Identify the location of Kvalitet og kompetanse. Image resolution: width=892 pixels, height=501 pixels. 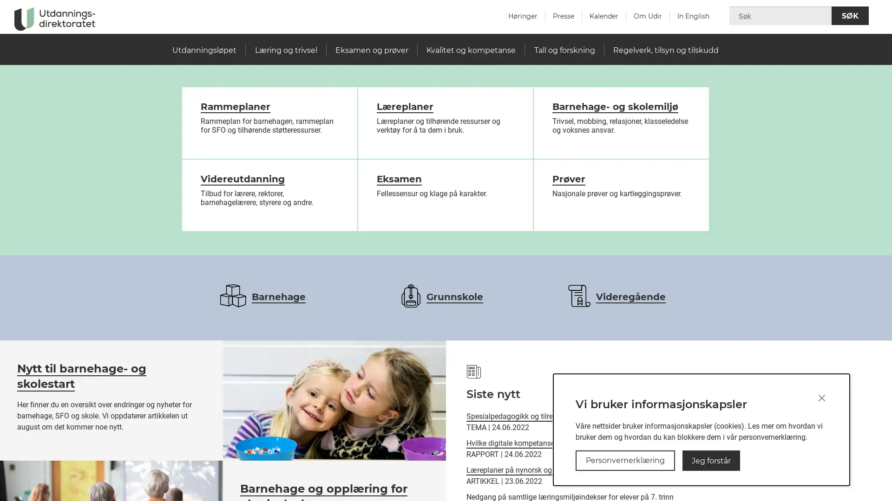
(471, 50).